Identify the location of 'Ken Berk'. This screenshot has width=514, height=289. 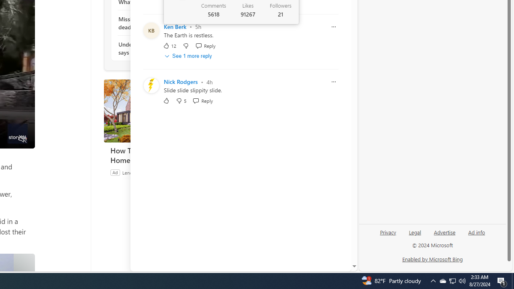
(175, 26).